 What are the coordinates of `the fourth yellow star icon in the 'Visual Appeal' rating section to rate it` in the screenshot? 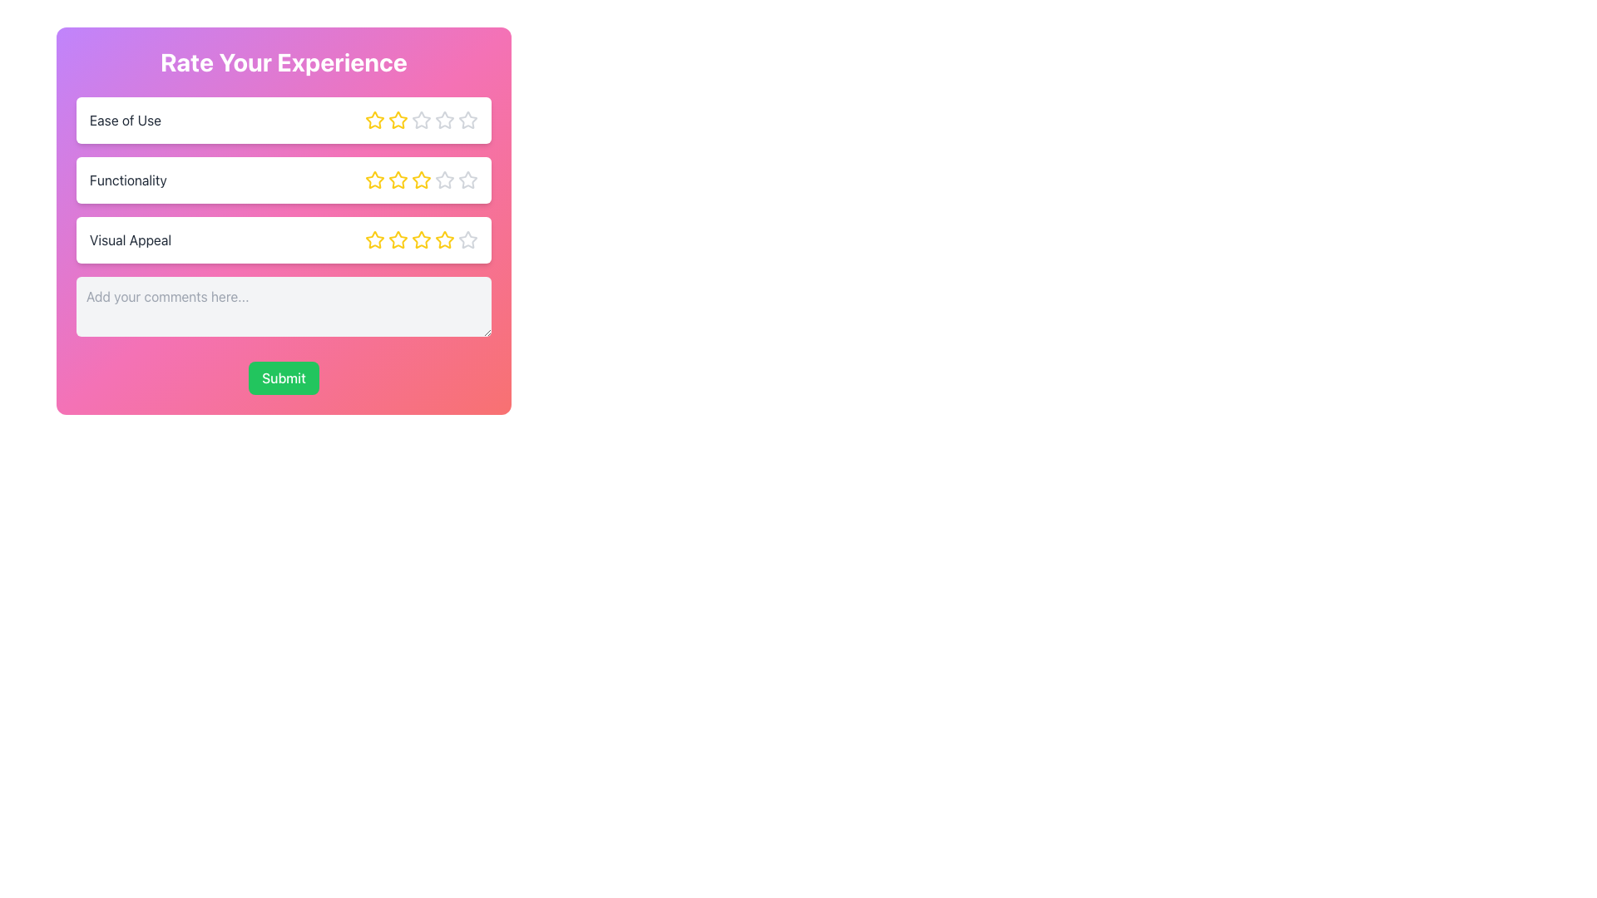 It's located at (444, 239).